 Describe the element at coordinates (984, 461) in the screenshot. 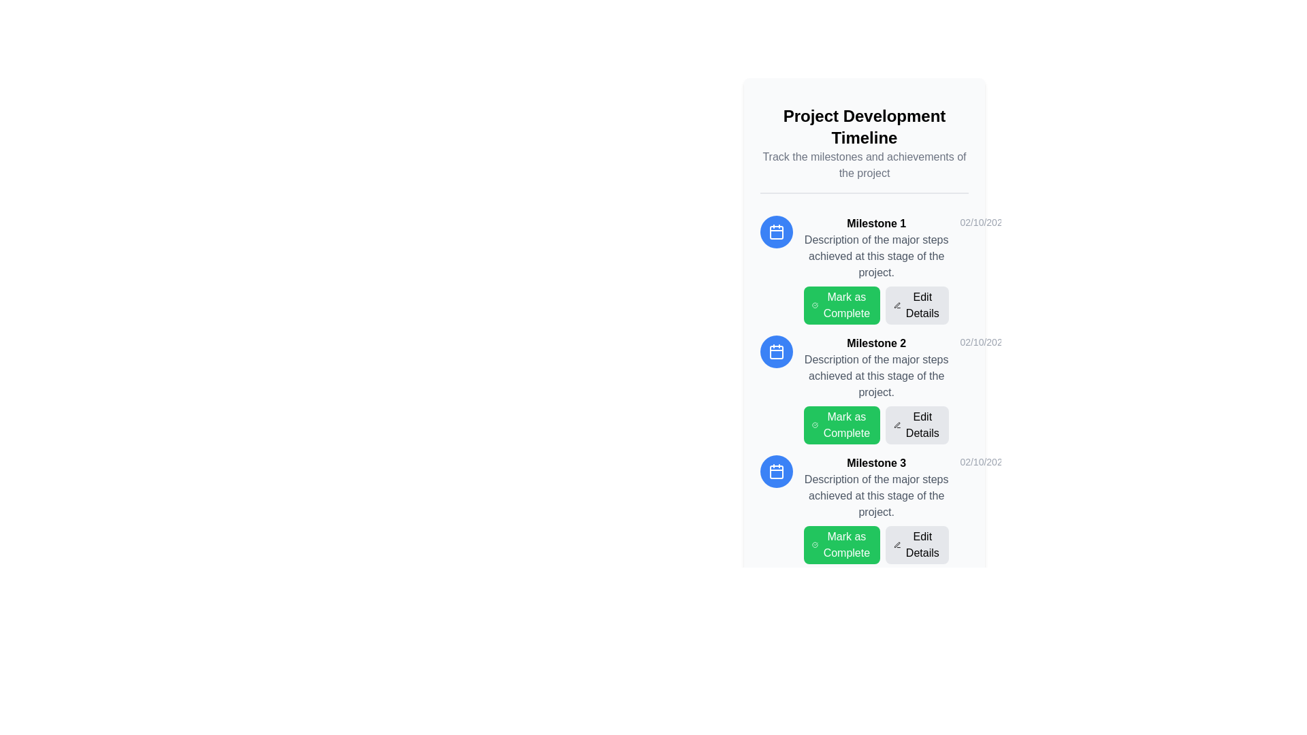

I see `the text element displaying '02/10/2023', which is styled in light gray and located to the right of the milestone title for 'Milestone 3'` at that location.